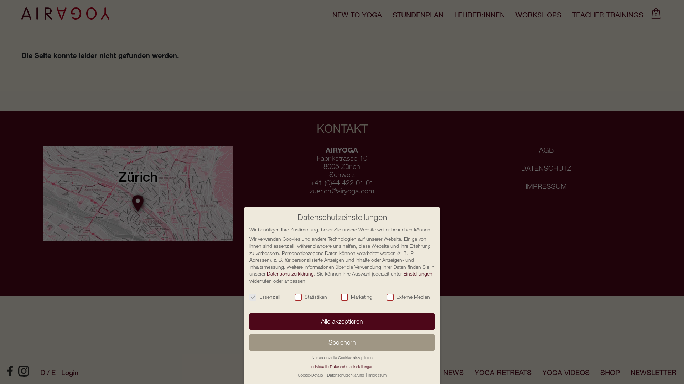 The image size is (684, 384). I want to click on 'YOGA VIDEOS', so click(565, 372).